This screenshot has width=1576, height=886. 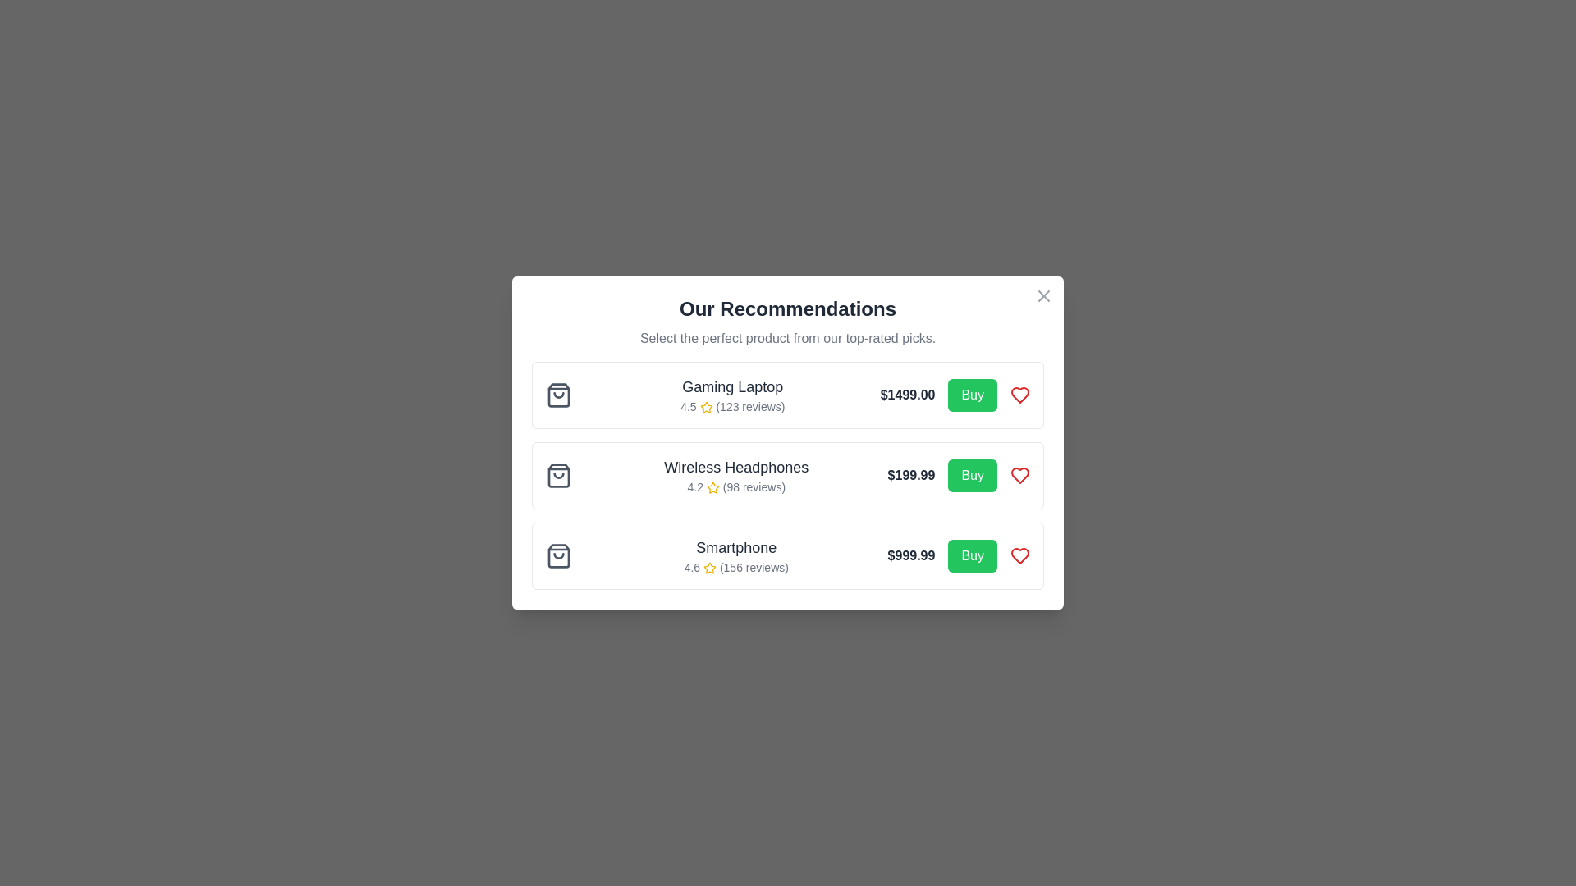 What do you see at coordinates (1043, 296) in the screenshot?
I see `the close button located at the top-right corner of the 'Our Recommendations' modal window` at bounding box center [1043, 296].